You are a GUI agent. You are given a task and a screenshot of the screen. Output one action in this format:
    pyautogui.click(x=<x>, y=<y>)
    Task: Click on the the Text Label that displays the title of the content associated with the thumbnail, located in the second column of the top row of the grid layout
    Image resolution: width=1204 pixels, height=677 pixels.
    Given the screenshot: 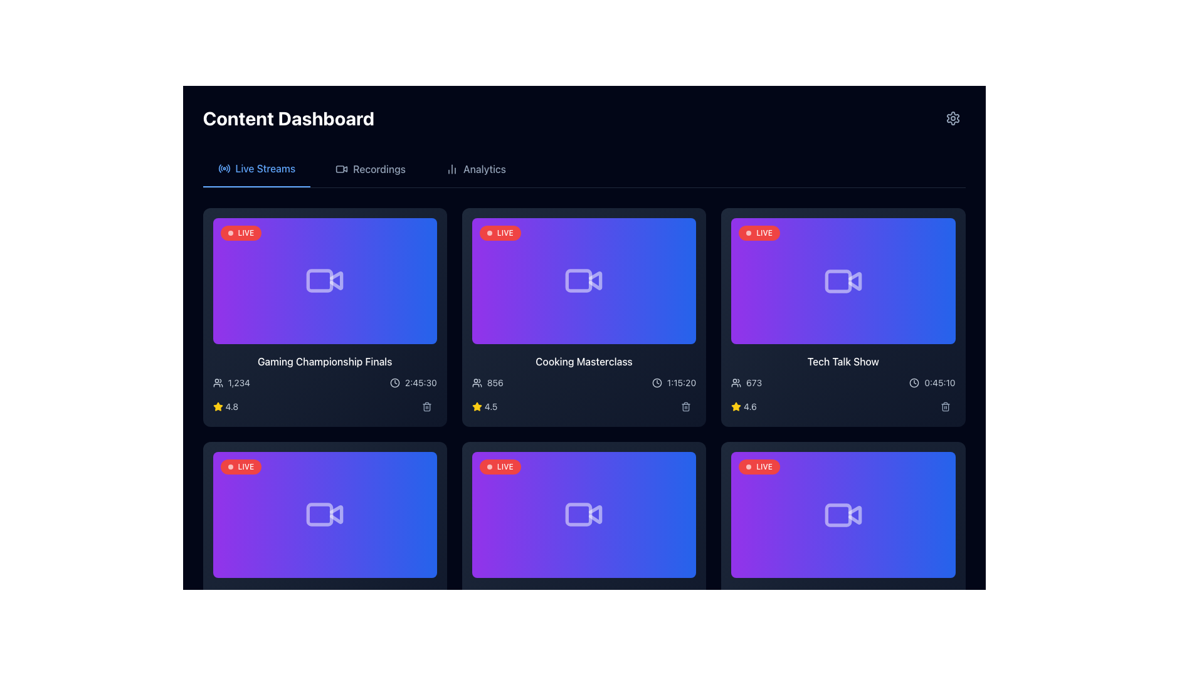 What is the action you would take?
    pyautogui.click(x=583, y=361)
    